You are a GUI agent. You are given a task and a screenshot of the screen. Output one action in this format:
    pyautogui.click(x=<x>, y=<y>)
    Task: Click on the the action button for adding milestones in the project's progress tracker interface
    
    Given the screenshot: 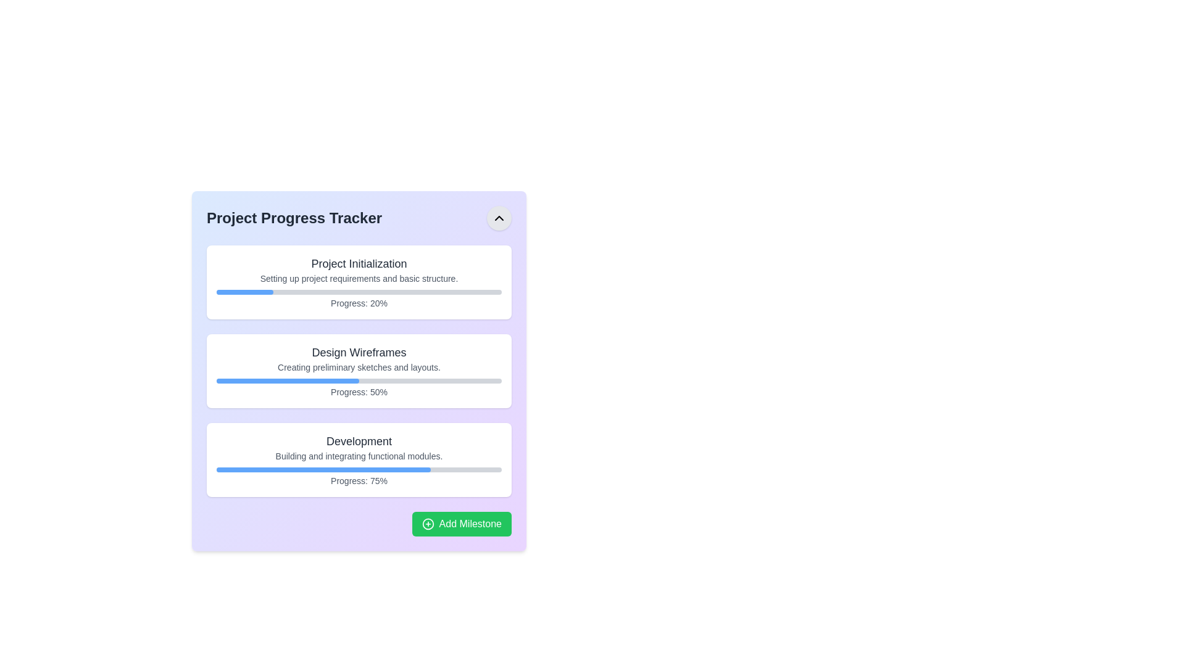 What is the action you would take?
    pyautogui.click(x=461, y=524)
    